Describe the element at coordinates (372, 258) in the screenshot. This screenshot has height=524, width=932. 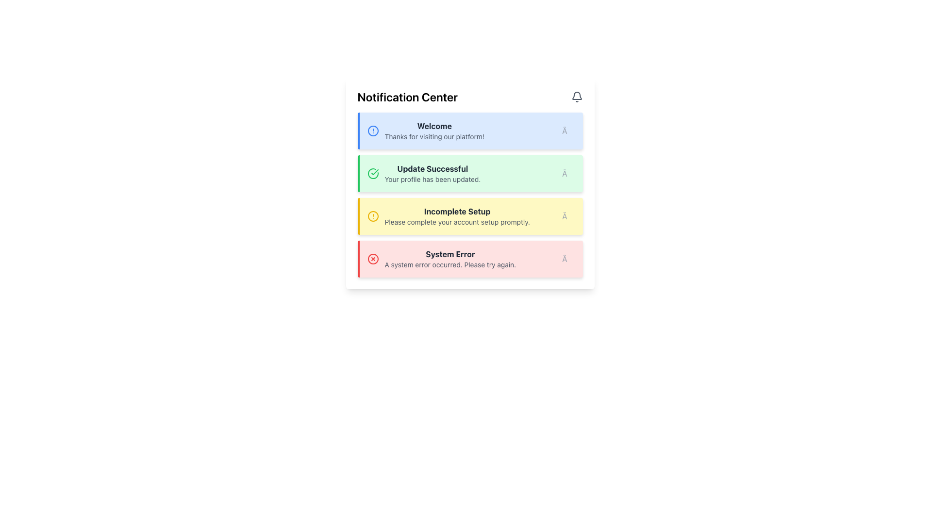
I see `the red circular icon with a red 'X' at the top-left corner of the 'System Error' card` at that location.